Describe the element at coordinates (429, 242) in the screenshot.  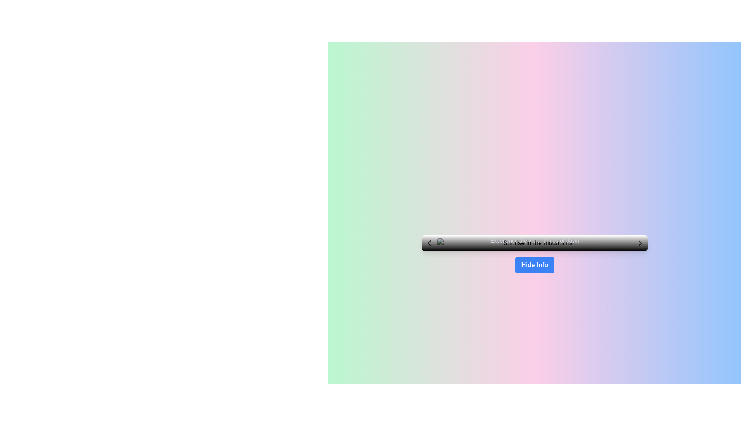
I see `the button with a dark background and a leftward-pointing chevron icon` at that location.